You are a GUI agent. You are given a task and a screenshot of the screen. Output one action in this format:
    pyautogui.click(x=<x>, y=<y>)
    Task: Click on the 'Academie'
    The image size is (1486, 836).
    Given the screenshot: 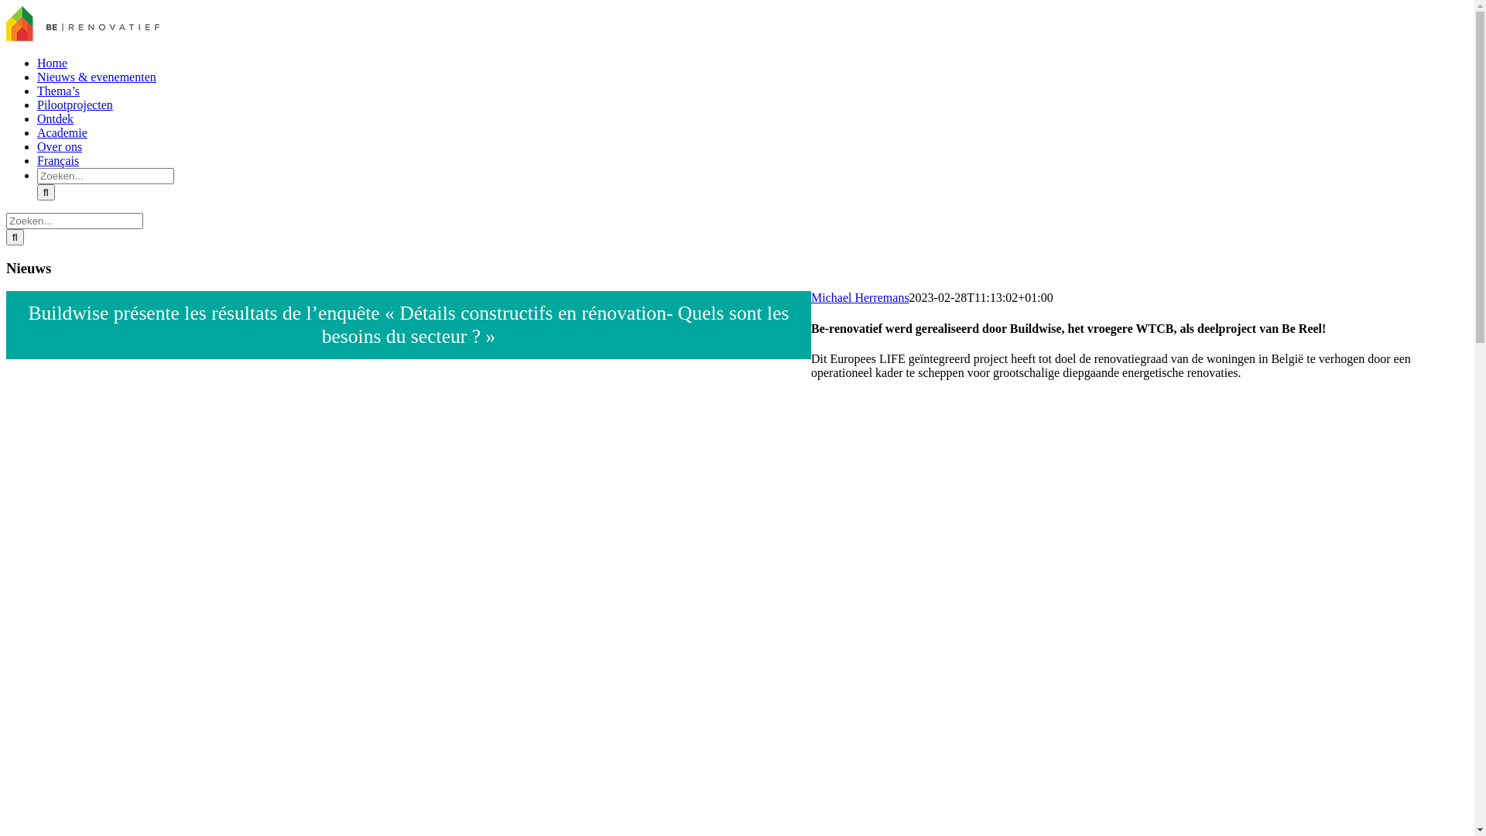 What is the action you would take?
    pyautogui.click(x=62, y=132)
    